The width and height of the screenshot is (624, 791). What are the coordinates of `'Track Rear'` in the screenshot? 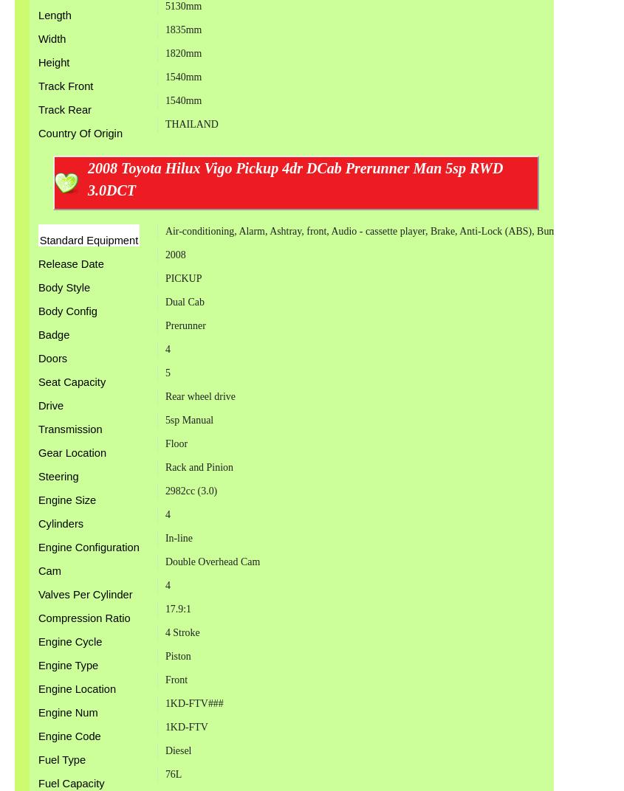 It's located at (37, 109).